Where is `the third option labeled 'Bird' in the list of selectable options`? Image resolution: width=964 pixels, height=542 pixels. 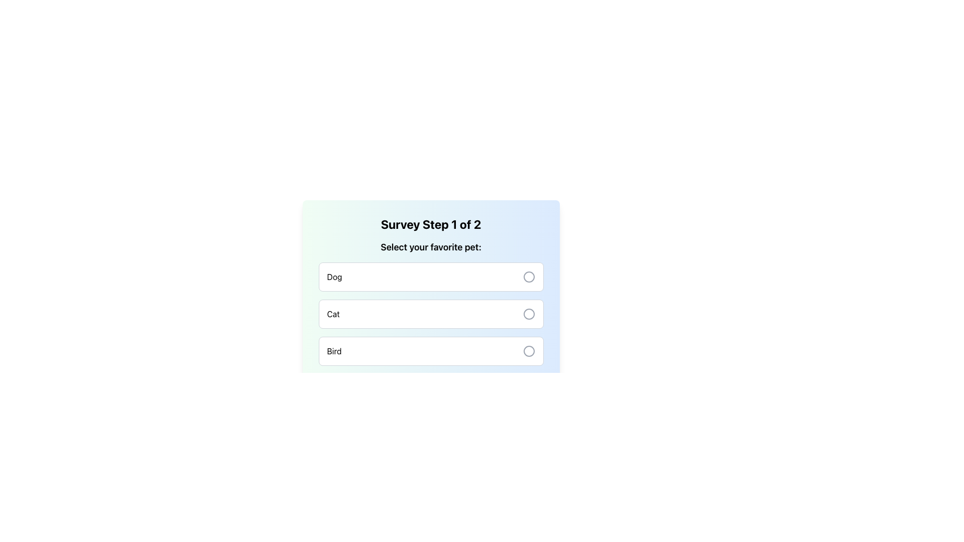
the third option labeled 'Bird' in the list of selectable options is located at coordinates (431, 350).